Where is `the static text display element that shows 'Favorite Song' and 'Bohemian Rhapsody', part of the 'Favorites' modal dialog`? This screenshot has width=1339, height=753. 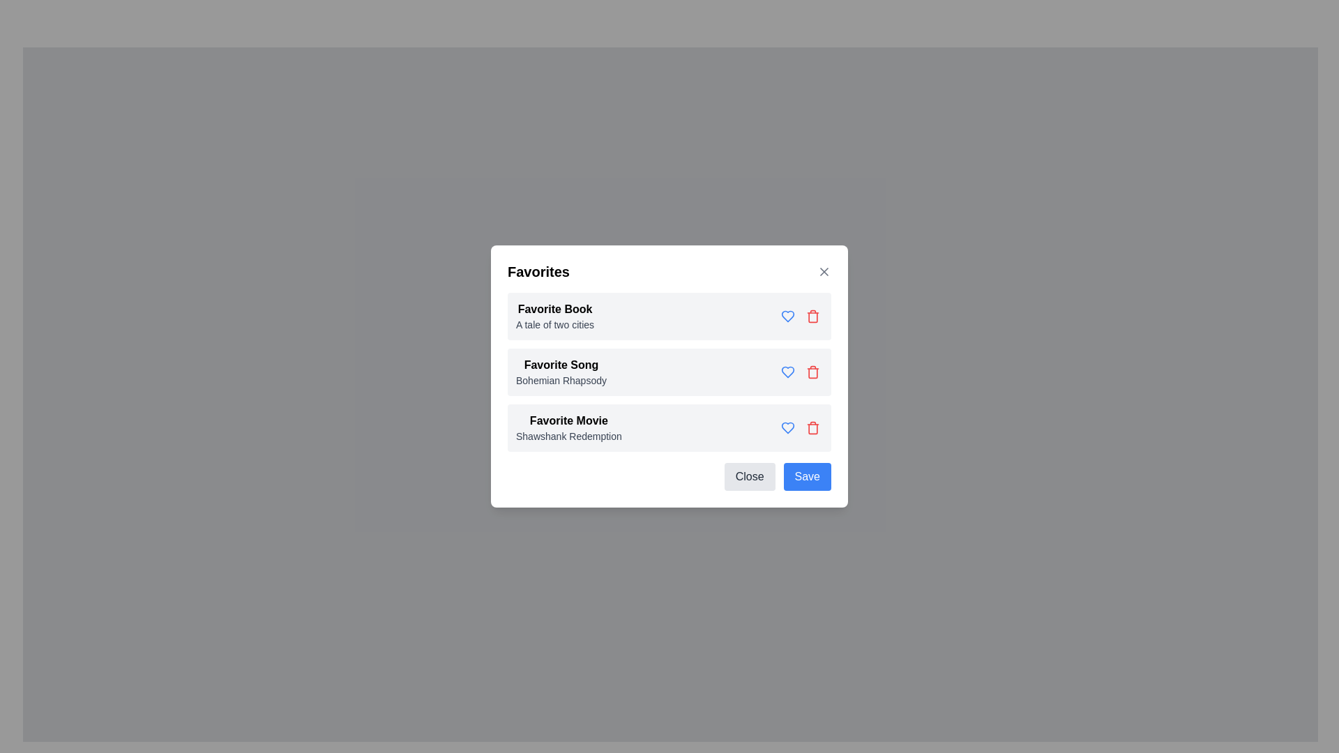 the static text display element that shows 'Favorite Song' and 'Bohemian Rhapsody', part of the 'Favorites' modal dialog is located at coordinates (561, 371).